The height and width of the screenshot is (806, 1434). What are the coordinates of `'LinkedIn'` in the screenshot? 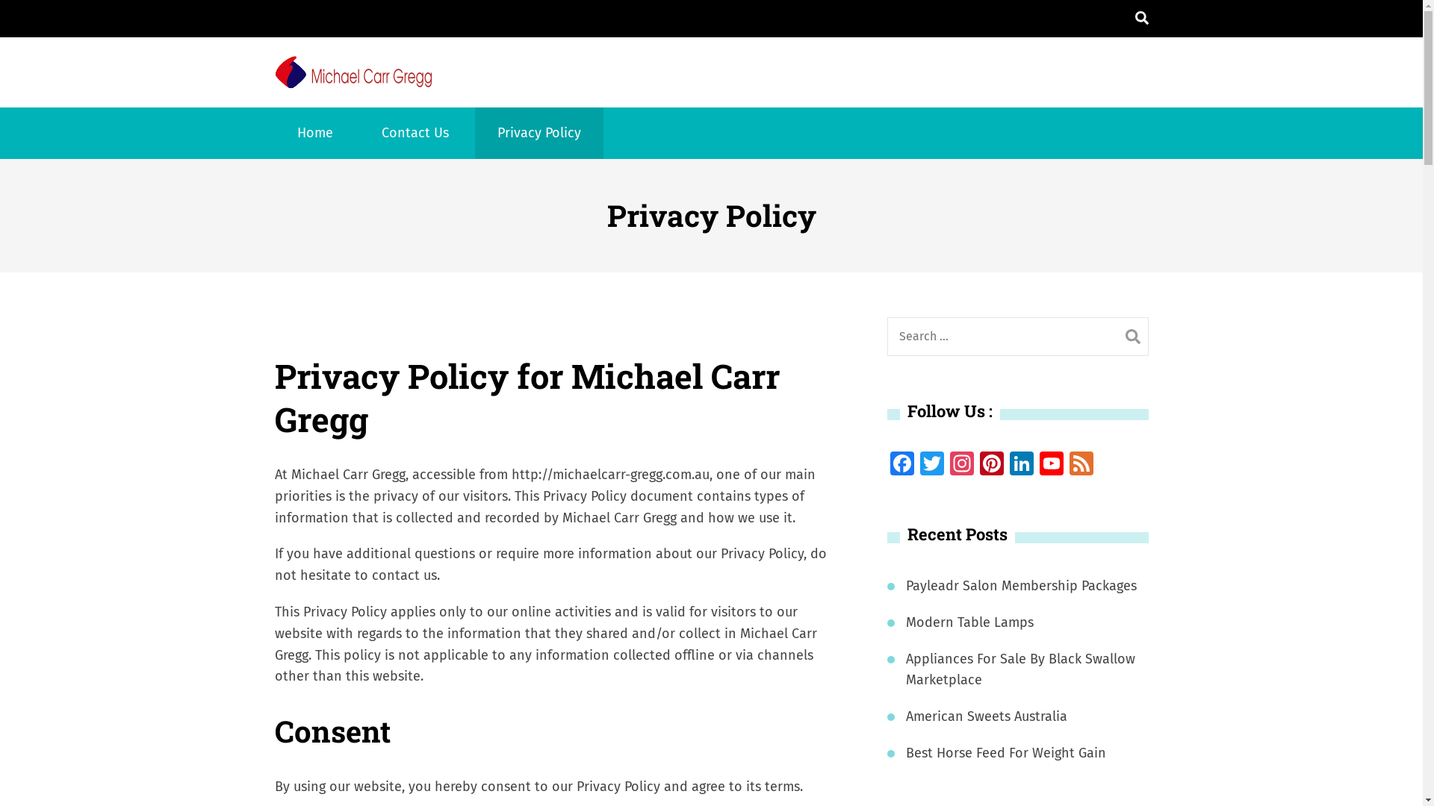 It's located at (1007, 464).